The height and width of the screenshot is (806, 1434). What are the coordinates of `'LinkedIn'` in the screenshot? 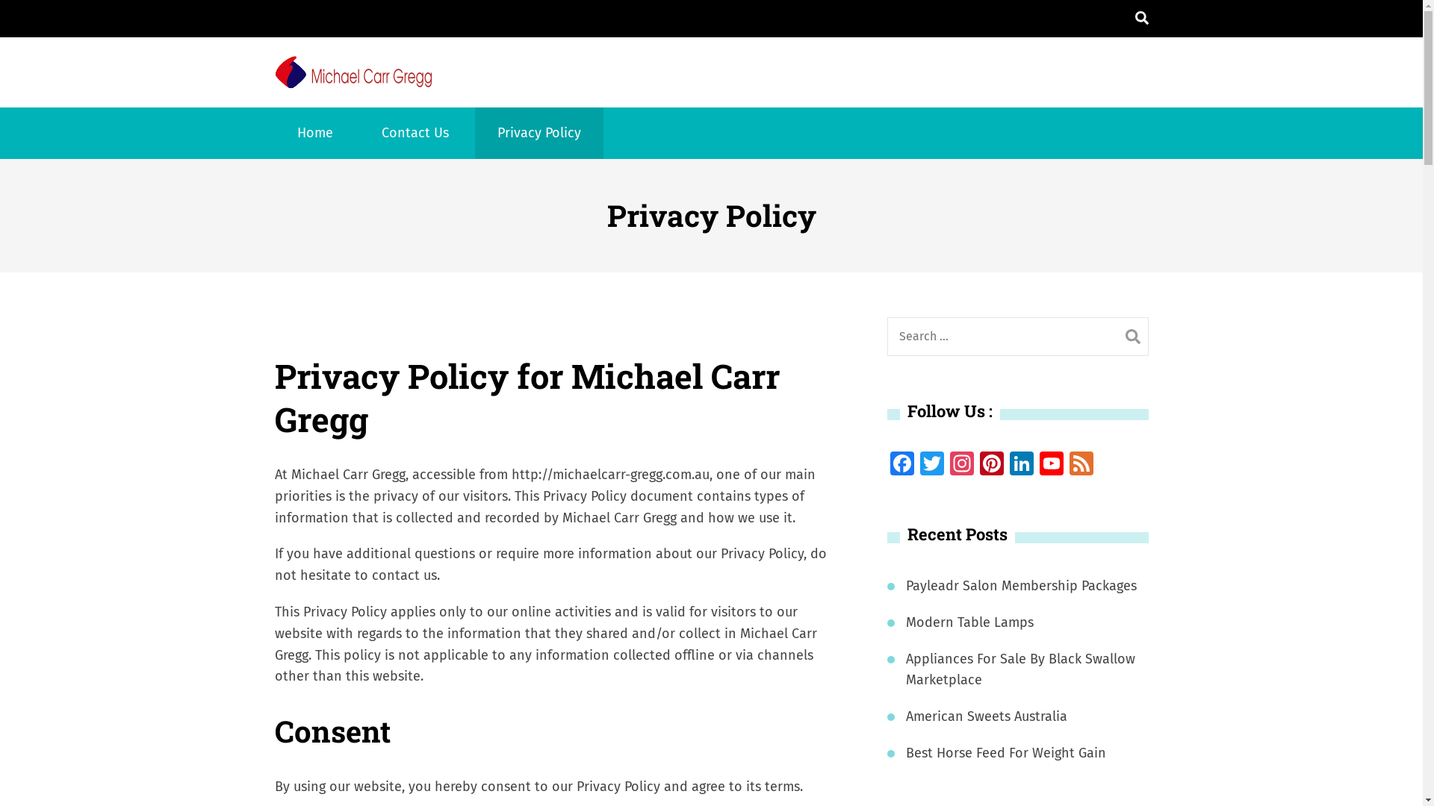 It's located at (1007, 464).